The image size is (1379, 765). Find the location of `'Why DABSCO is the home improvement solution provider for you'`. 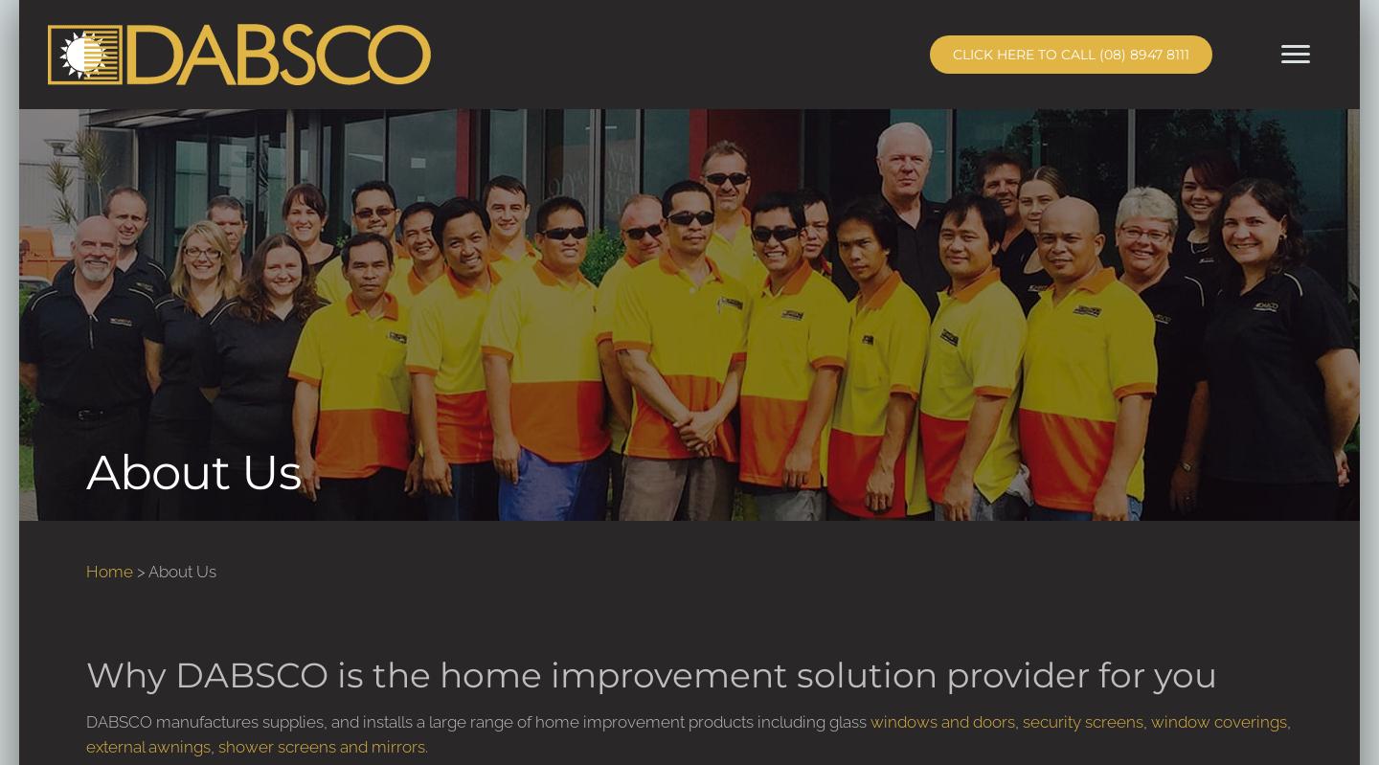

'Why DABSCO is the home improvement solution provider for you' is located at coordinates (651, 675).